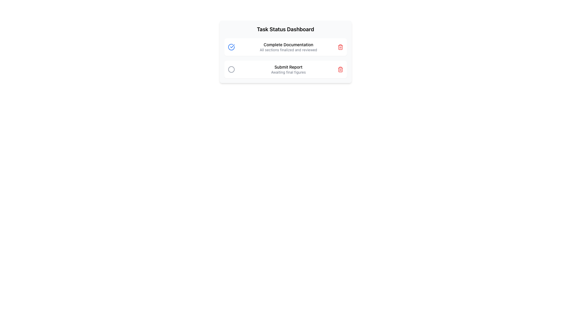 This screenshot has width=566, height=318. Describe the element at coordinates (340, 47) in the screenshot. I see `the delete button associated with the task titled 'Complete Documentation'` at that location.